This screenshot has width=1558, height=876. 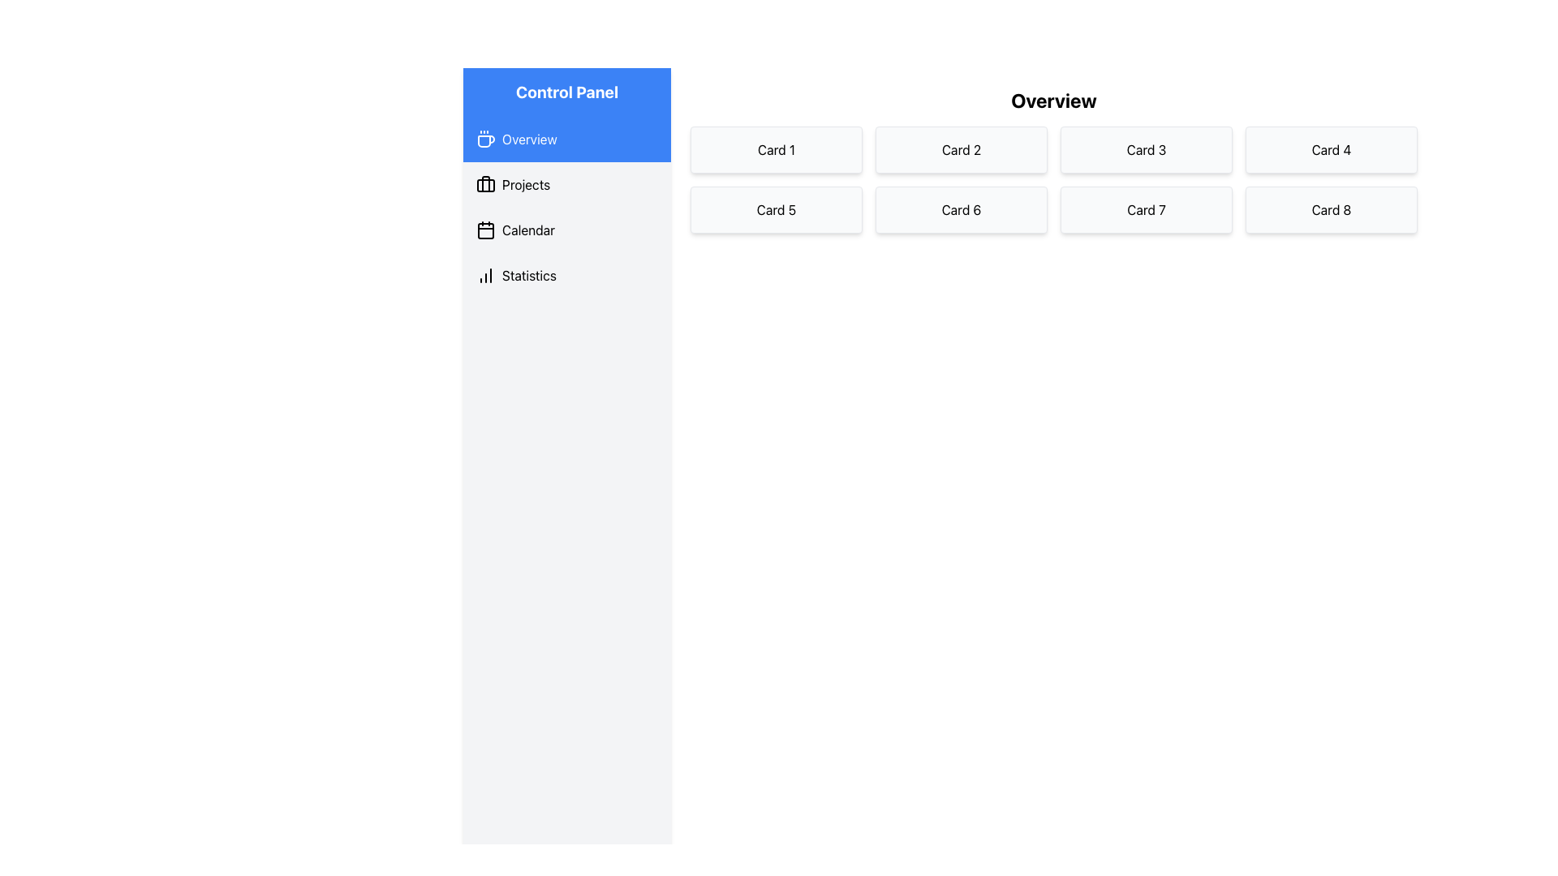 I want to click on the text label displaying 'Card 2' which is centered within a light gray rounded rectangle in the second card of the grid under the 'Overview' header, so click(x=962, y=150).